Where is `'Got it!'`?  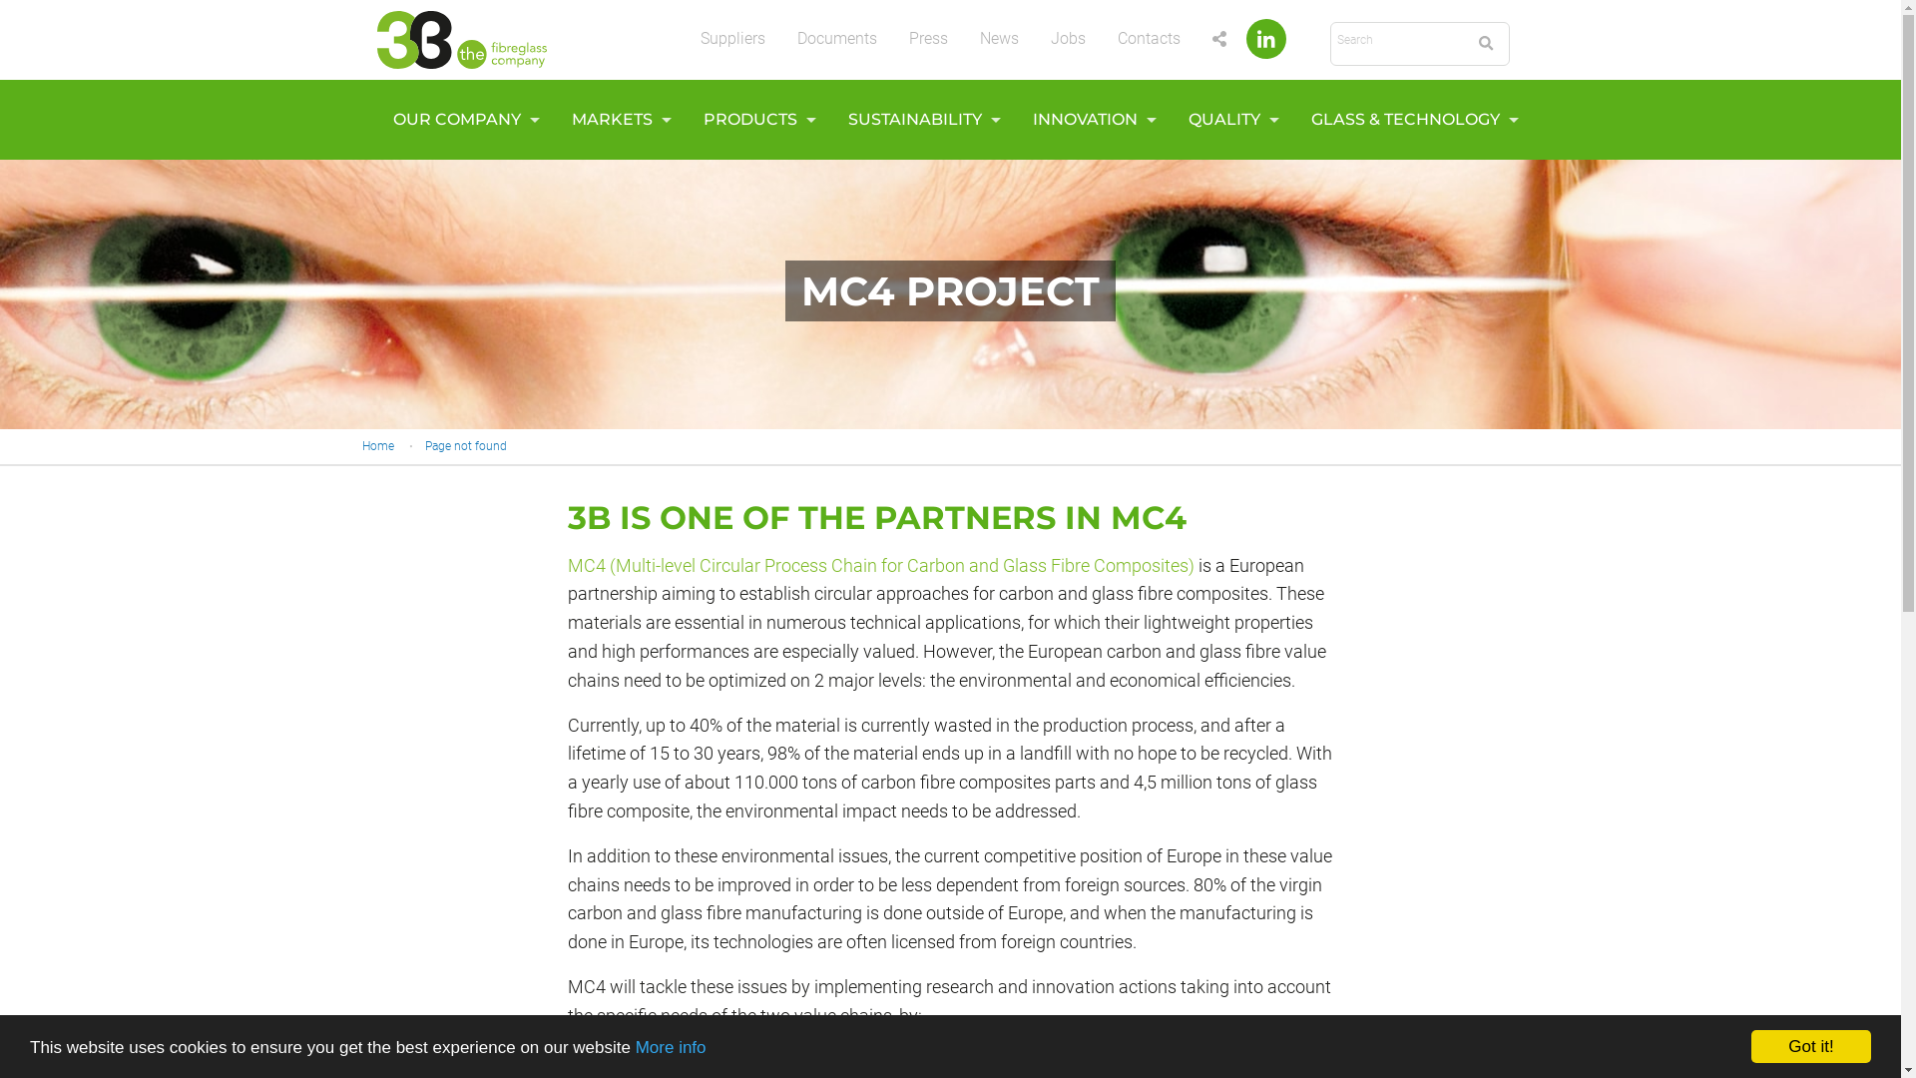
'Got it!' is located at coordinates (1810, 1045).